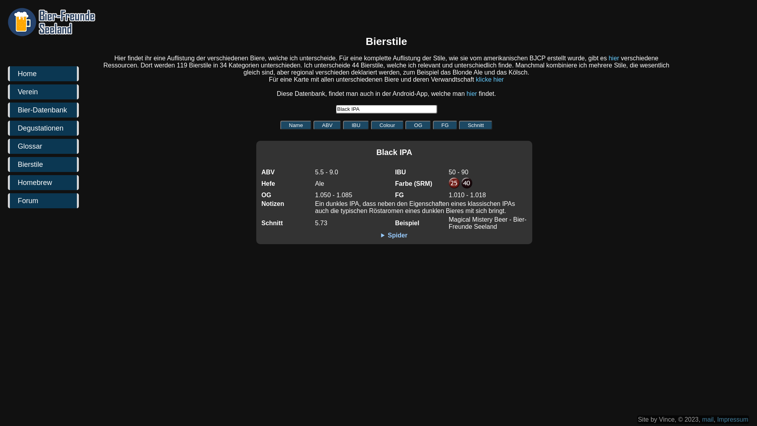 Image resolution: width=757 pixels, height=426 pixels. What do you see at coordinates (472, 93) in the screenshot?
I see `'hier'` at bounding box center [472, 93].